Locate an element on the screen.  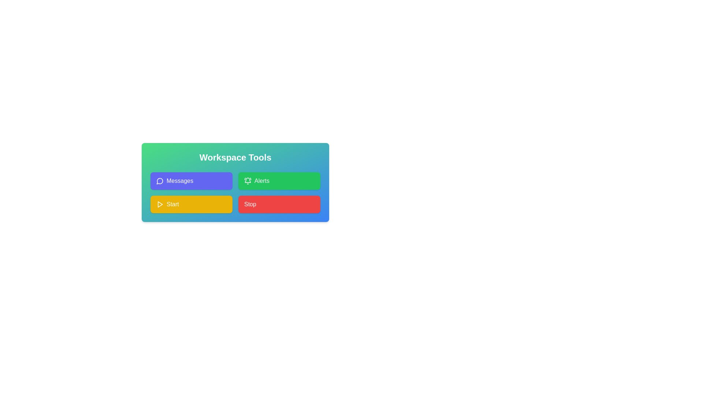
the bell icon component part within the green 'Alerts' button located in the top-right corner of the interface is located at coordinates (248, 180).